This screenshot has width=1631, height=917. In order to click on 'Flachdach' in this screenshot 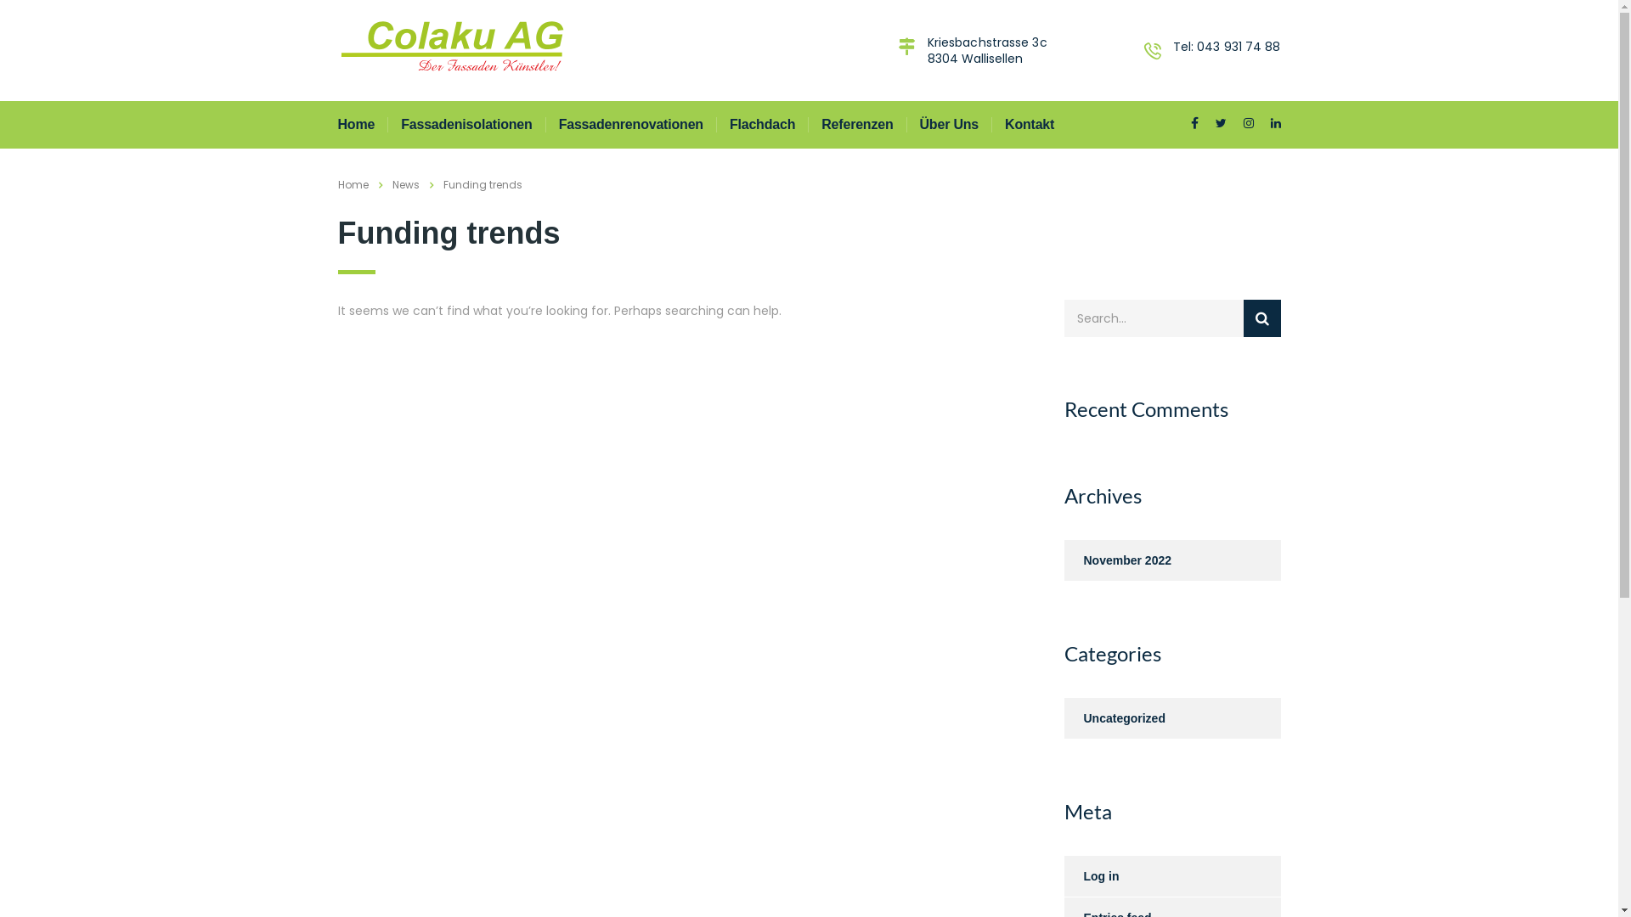, I will do `click(761, 123)`.